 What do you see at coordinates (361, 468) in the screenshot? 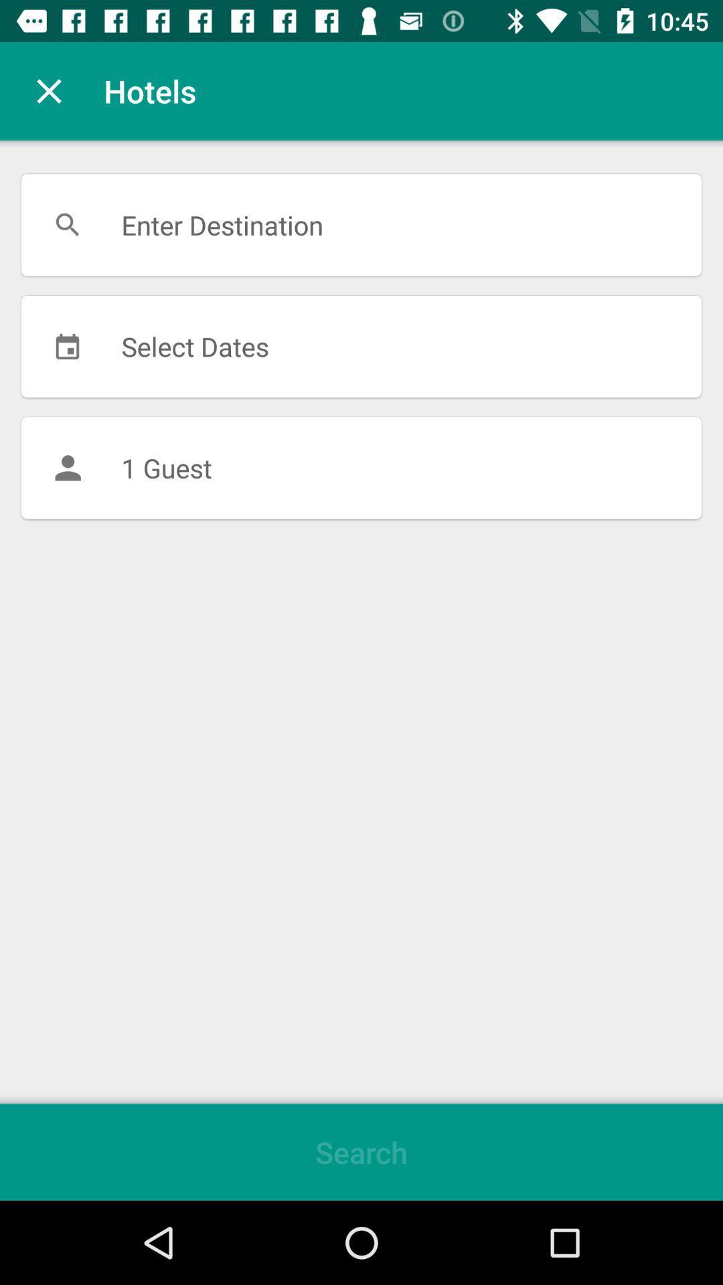
I see `the 1 guest item` at bounding box center [361, 468].